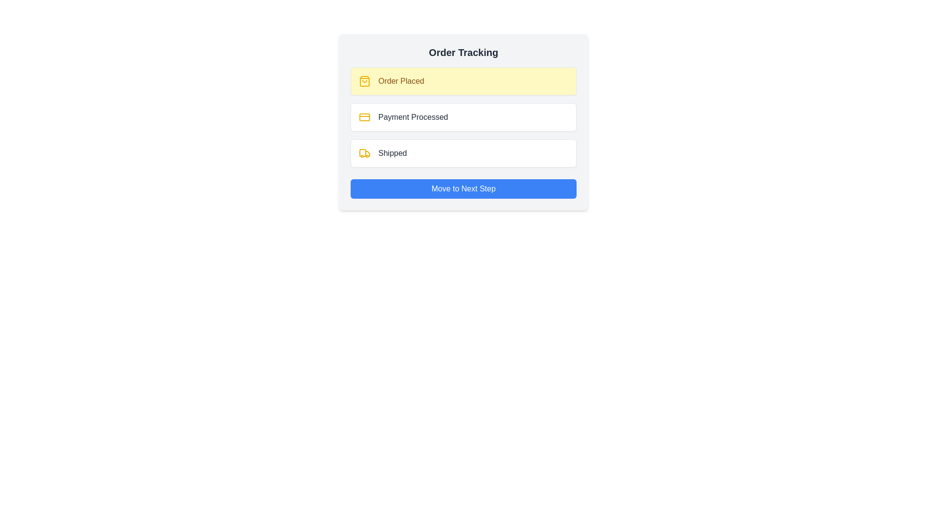  I want to click on the Progress Tracker List which displays the steps: 'Order Placed,' 'Payment Processed,' and 'Shipped.', so click(463, 116).